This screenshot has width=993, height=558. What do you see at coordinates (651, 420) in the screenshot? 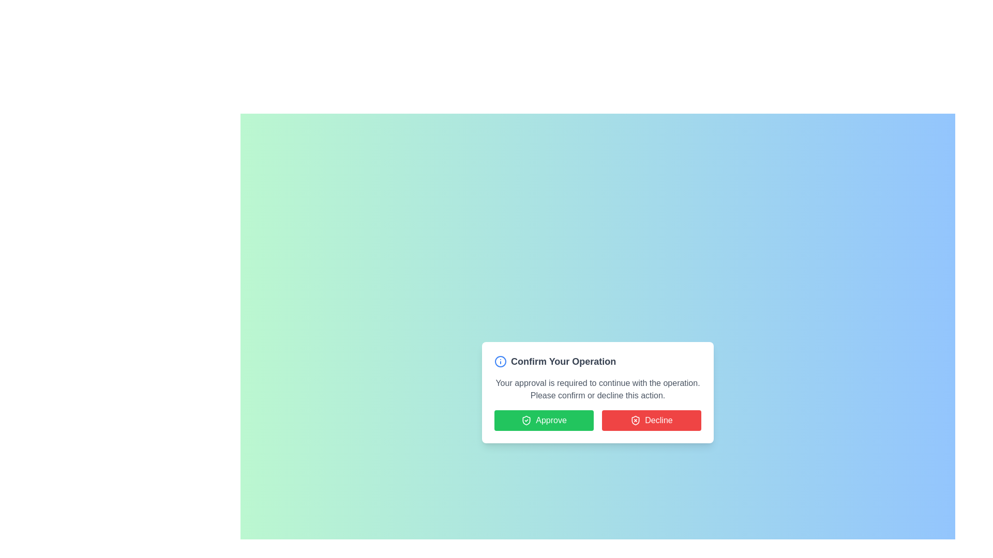
I see `the red rectangular 'Decline' button with rounded corners and a shield icon to decline the operation` at bounding box center [651, 420].